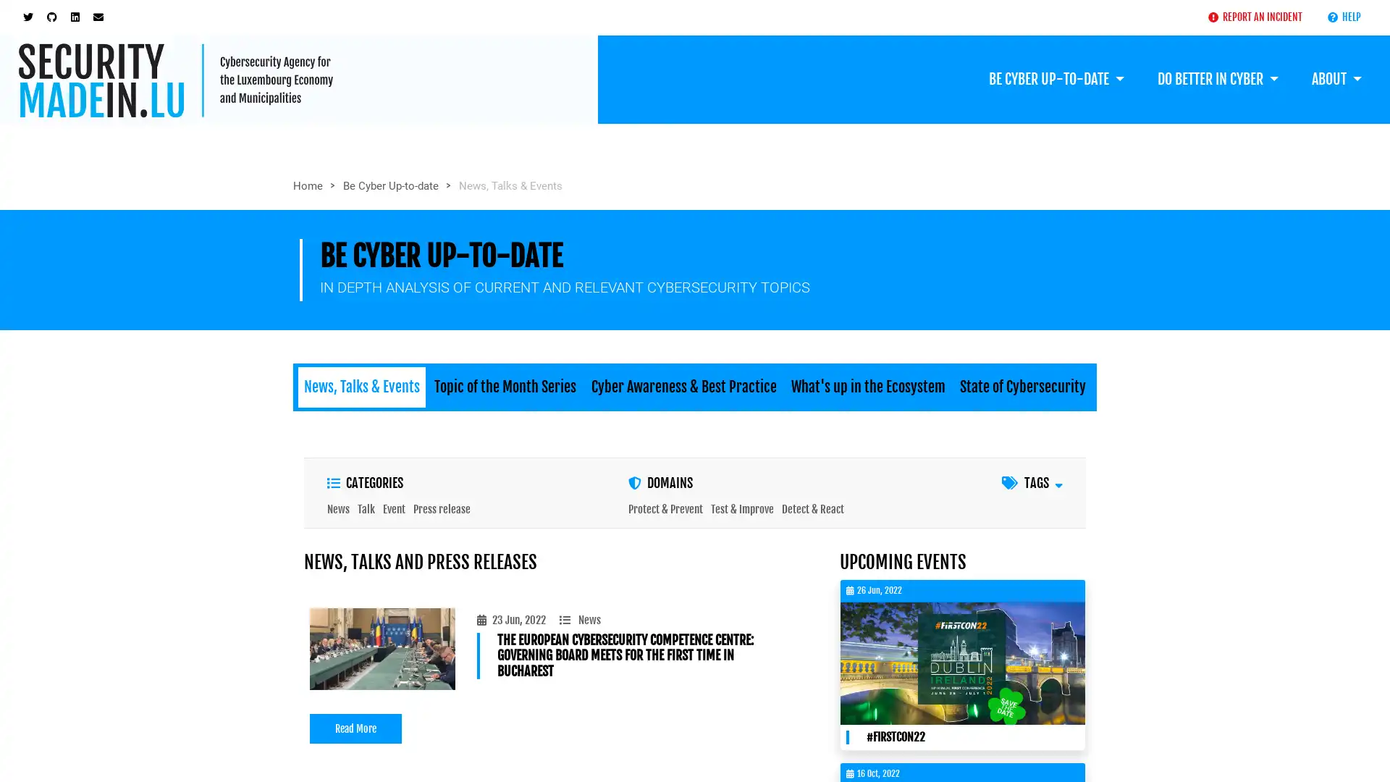 The width and height of the screenshot is (1390, 782). Describe the element at coordinates (1216, 78) in the screenshot. I see `DO BETTER IN CYBER` at that location.